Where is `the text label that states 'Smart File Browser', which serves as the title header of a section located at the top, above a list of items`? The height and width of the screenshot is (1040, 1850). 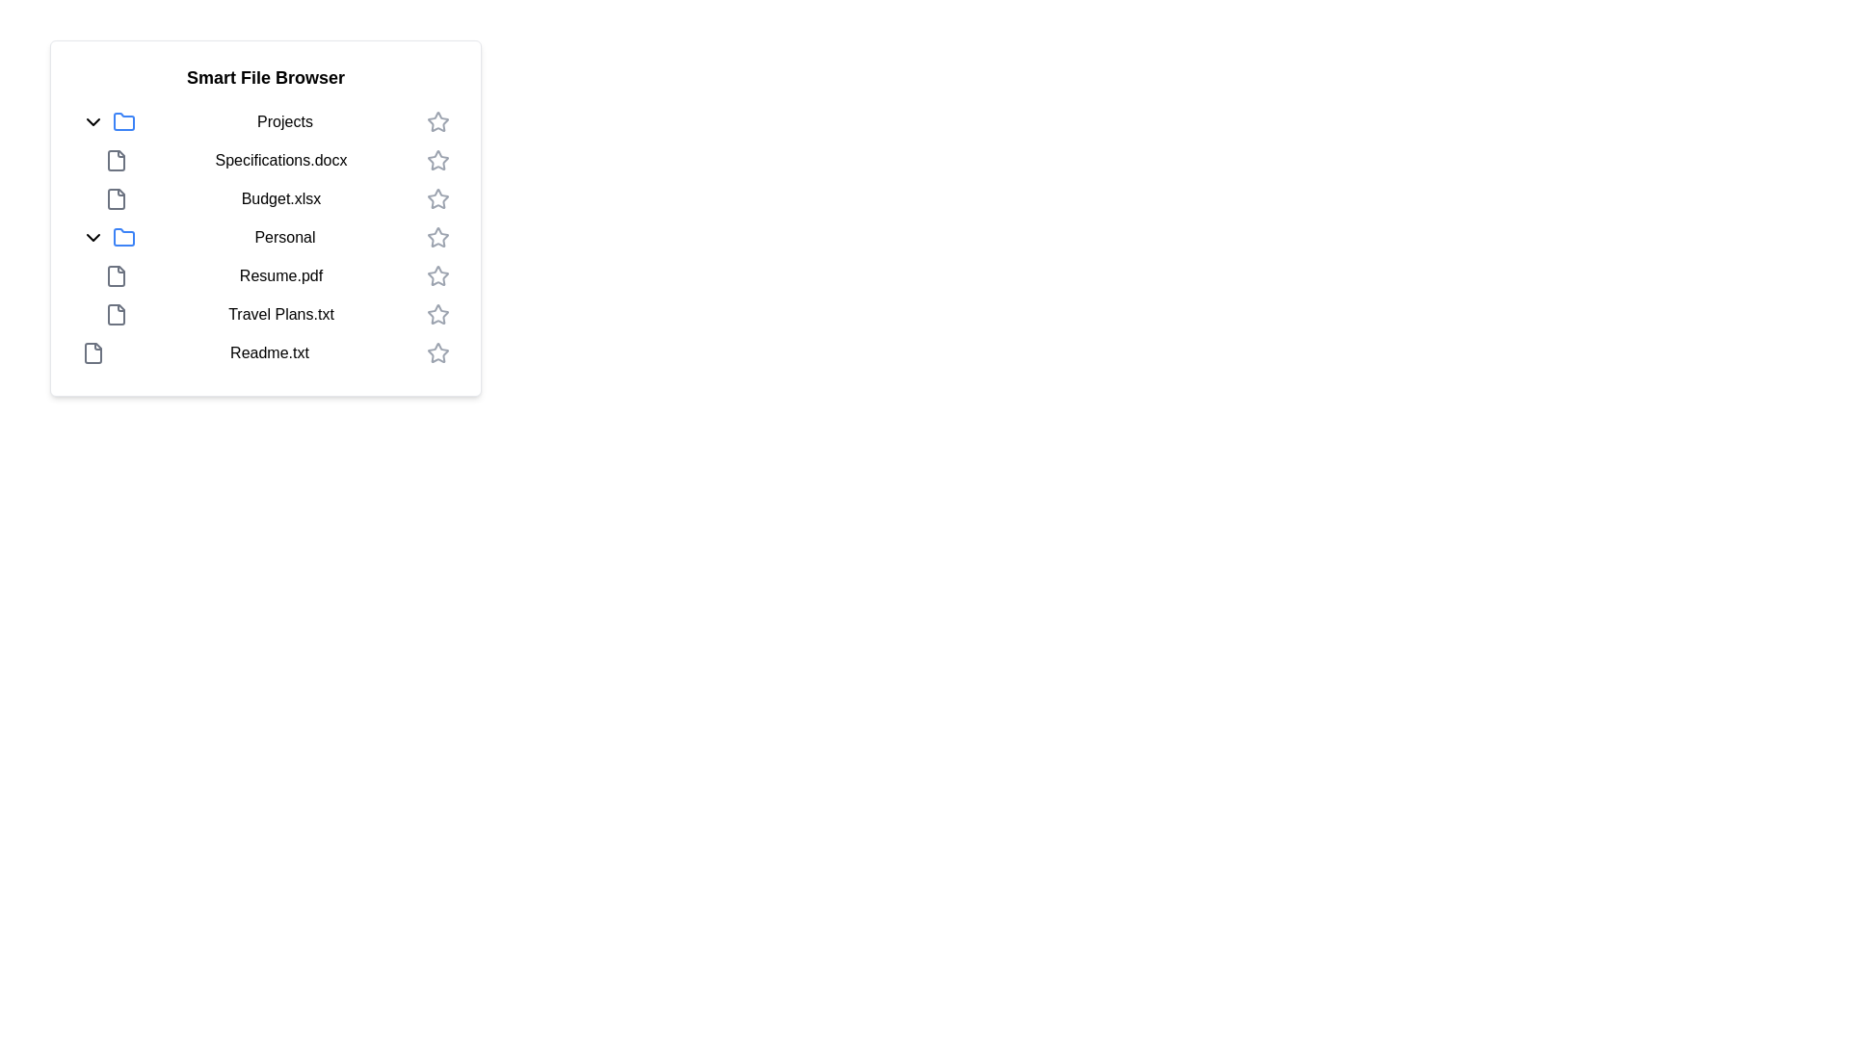 the text label that states 'Smart File Browser', which serves as the title header of a section located at the top, above a list of items is located at coordinates (264, 77).